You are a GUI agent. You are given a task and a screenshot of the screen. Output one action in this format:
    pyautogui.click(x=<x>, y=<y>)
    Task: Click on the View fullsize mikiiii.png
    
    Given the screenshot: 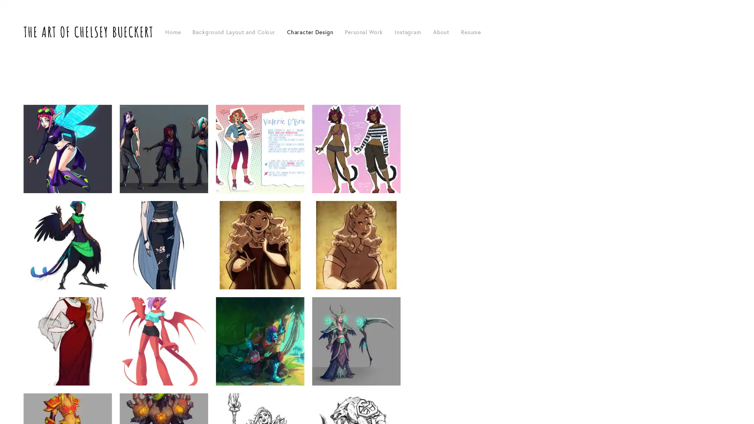 What is the action you would take?
    pyautogui.click(x=356, y=149)
    